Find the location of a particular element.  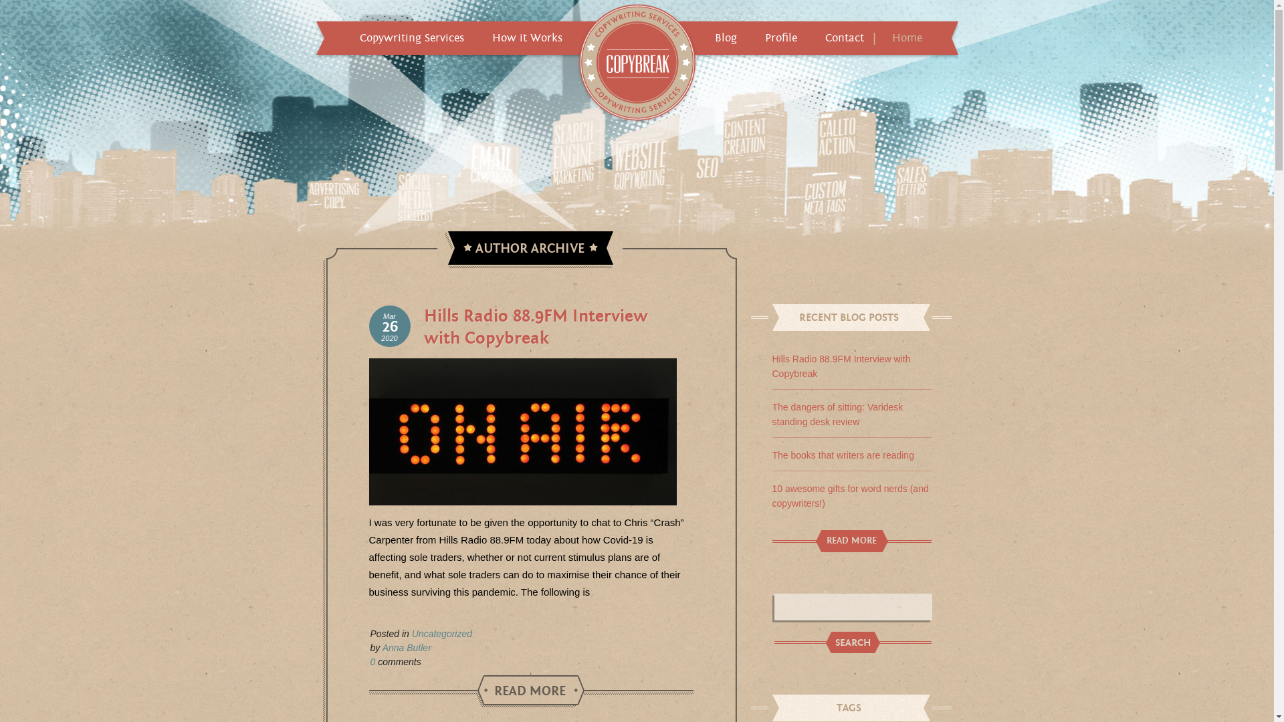

'The books that writers are reading' is located at coordinates (841, 455).